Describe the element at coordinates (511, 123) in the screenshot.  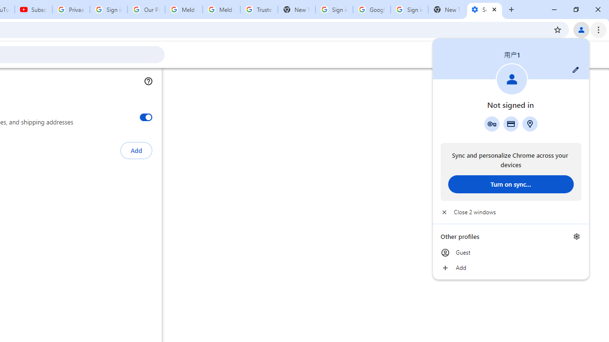
I see `'Payment methods'` at that location.